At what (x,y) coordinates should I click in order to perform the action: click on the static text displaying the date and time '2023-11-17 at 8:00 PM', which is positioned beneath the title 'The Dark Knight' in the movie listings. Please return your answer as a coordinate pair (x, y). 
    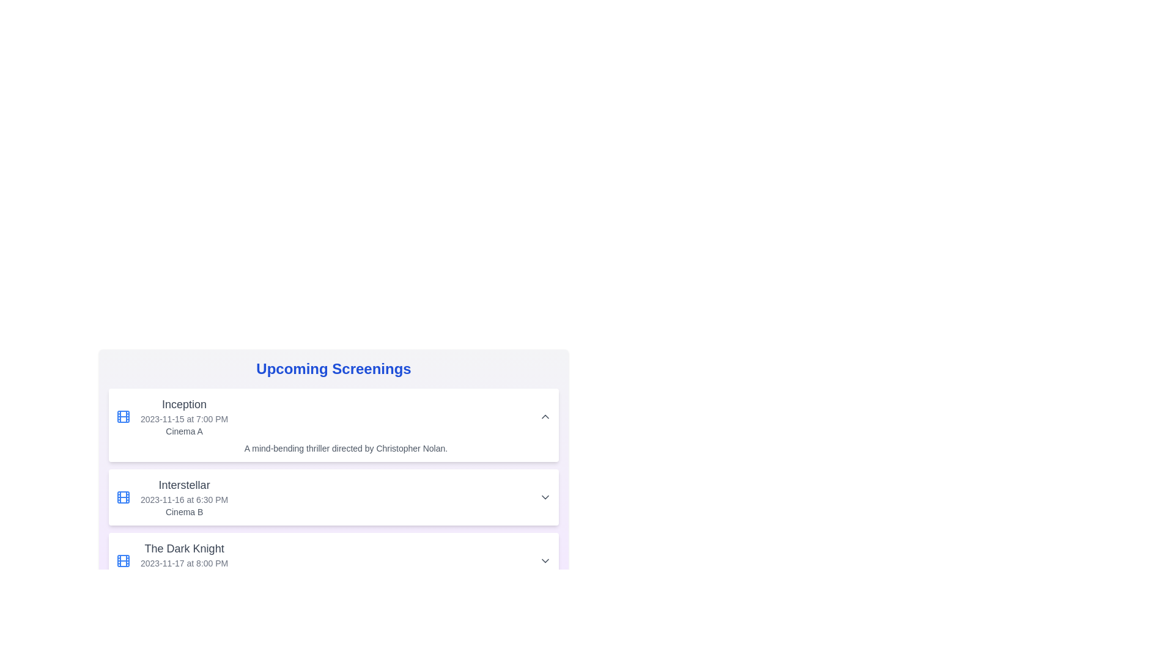
    Looking at the image, I should click on (183, 563).